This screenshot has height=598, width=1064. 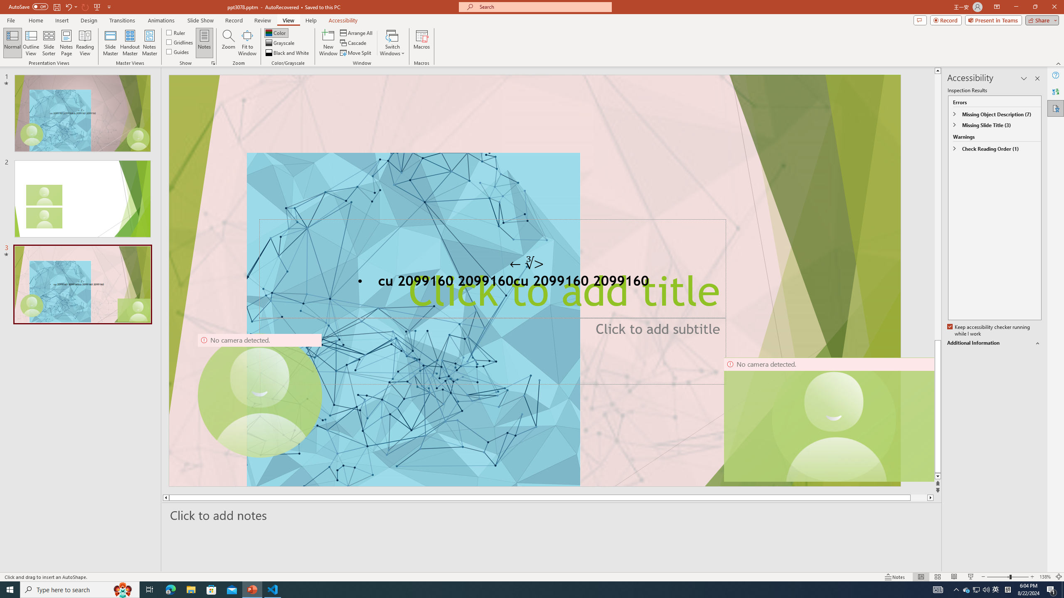 I want to click on 'Slide Master', so click(x=110, y=43).